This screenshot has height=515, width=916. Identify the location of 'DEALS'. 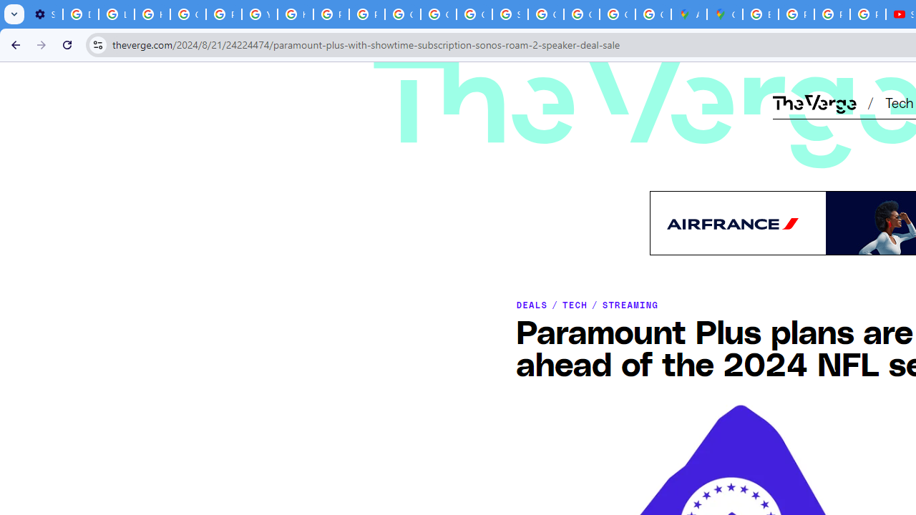
(531, 303).